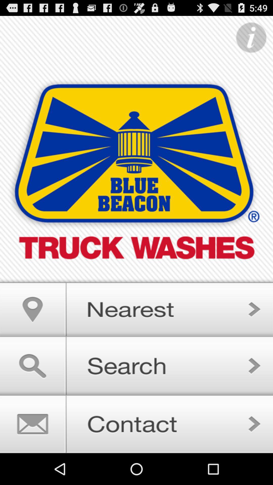 The image size is (273, 485). Describe the element at coordinates (251, 37) in the screenshot. I see `important information` at that location.